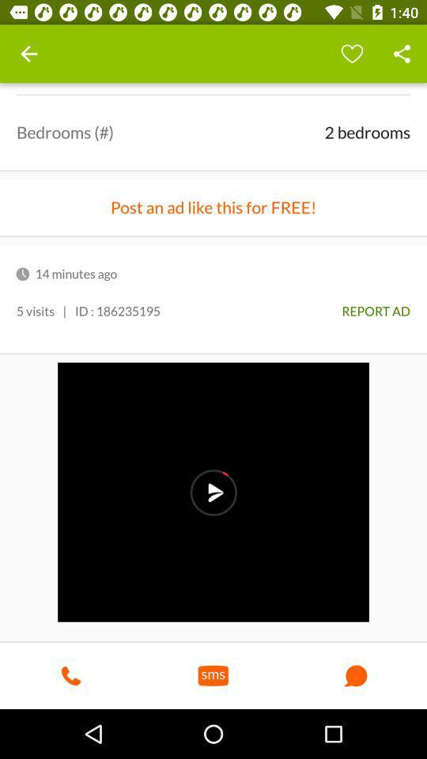 Image resolution: width=427 pixels, height=759 pixels. Describe the element at coordinates (213, 674) in the screenshot. I see `the sms icon on the web page` at that location.